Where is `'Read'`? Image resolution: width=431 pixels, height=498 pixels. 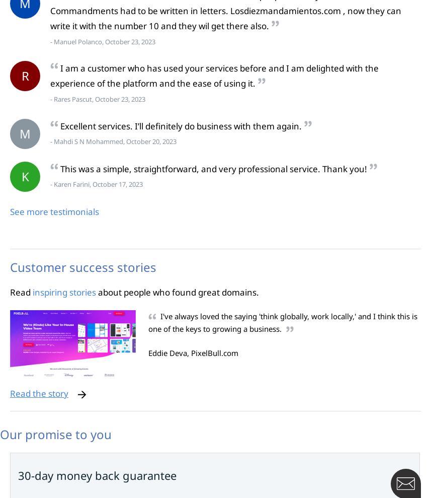 'Read' is located at coordinates (21, 291).